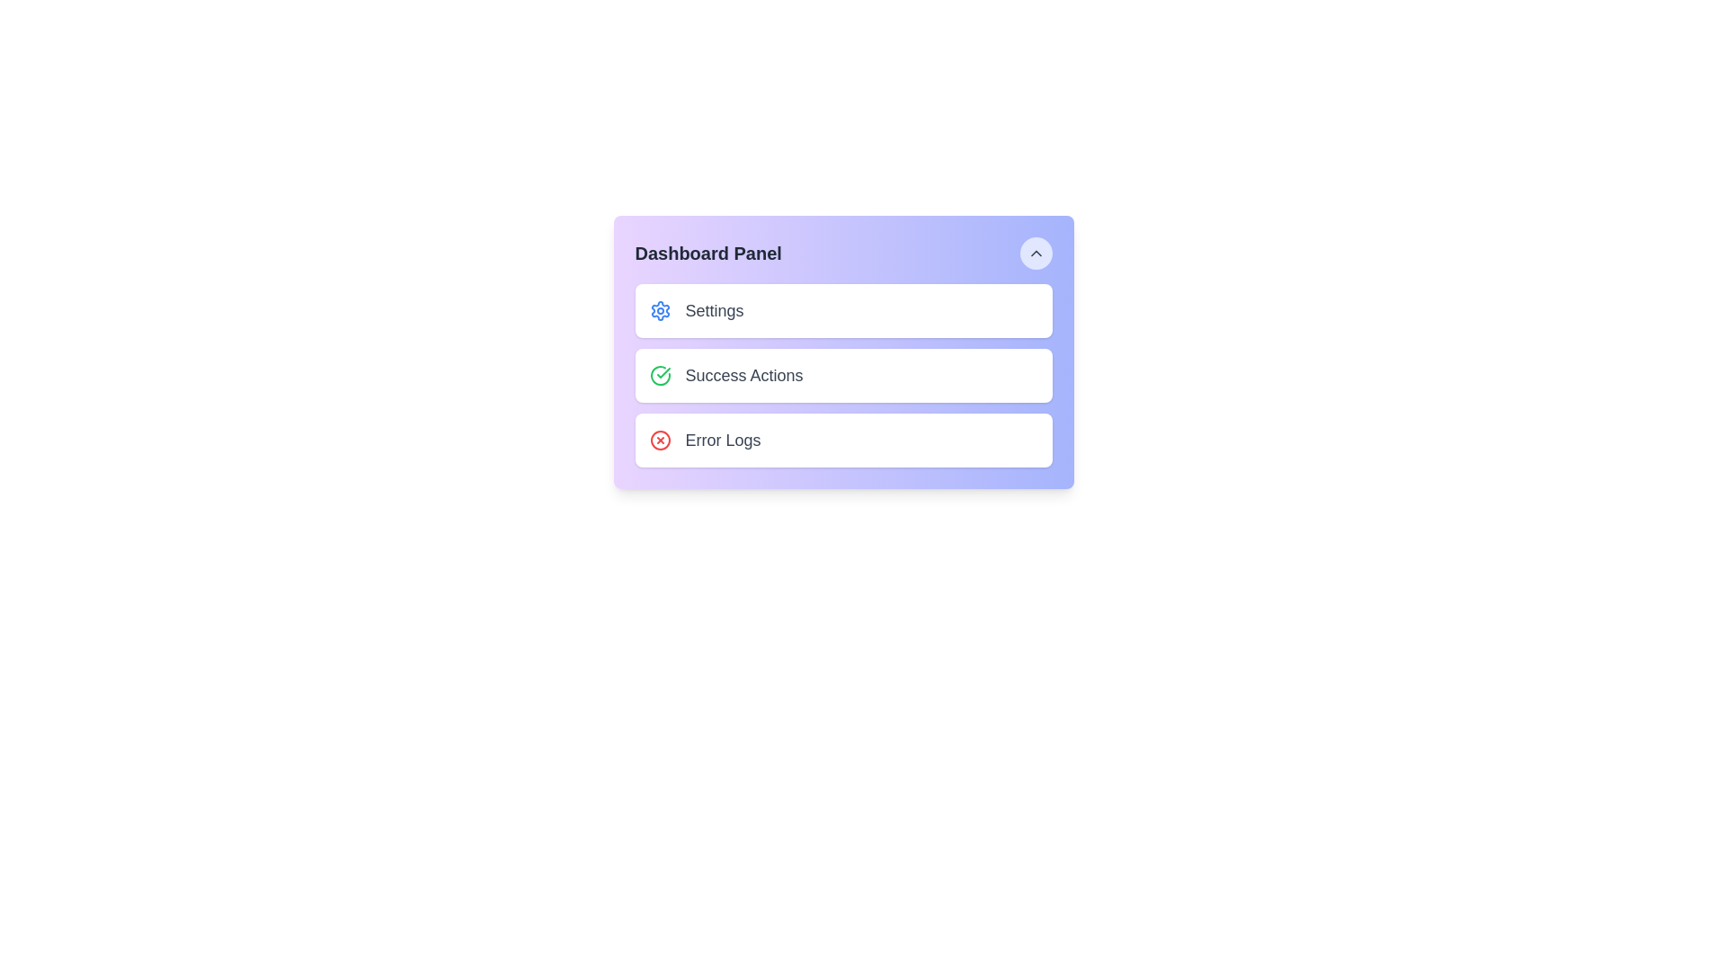  What do you see at coordinates (663, 372) in the screenshot?
I see `the meaning visually of the green checkmark icon, which represents a successful operation or confirmation, located beside the 'Success Actions' text label` at bounding box center [663, 372].